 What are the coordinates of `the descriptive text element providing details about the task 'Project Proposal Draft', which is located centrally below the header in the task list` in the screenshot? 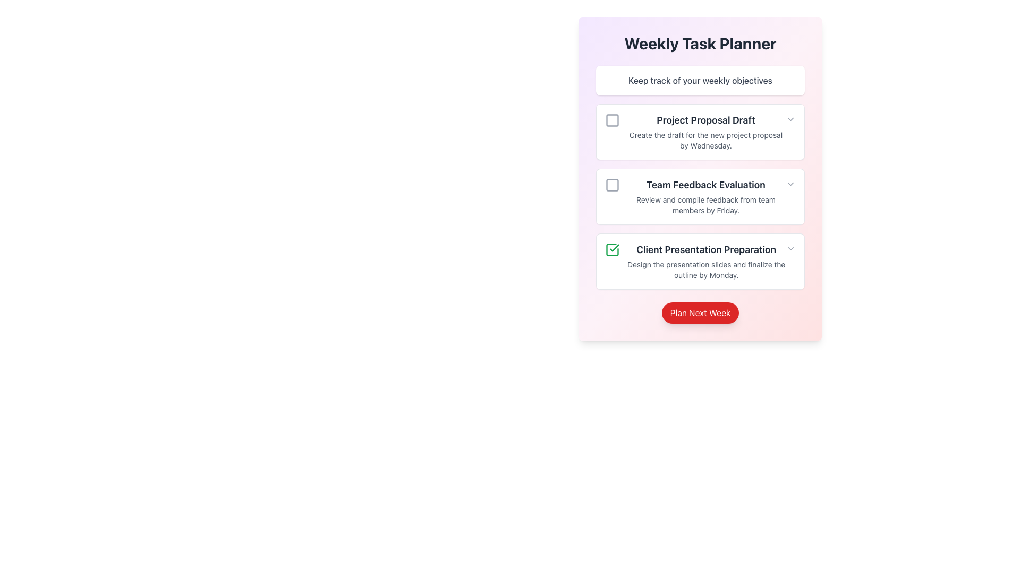 It's located at (706, 140).